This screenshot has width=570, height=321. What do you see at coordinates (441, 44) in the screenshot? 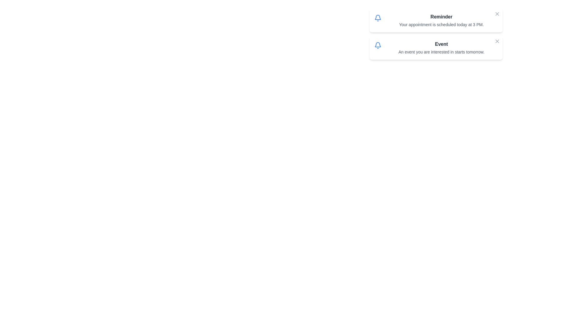
I see `the bold text label displaying the word 'Event' that is located at the top of a rectangular card, centered horizontally and positioned below the notification icon` at bounding box center [441, 44].